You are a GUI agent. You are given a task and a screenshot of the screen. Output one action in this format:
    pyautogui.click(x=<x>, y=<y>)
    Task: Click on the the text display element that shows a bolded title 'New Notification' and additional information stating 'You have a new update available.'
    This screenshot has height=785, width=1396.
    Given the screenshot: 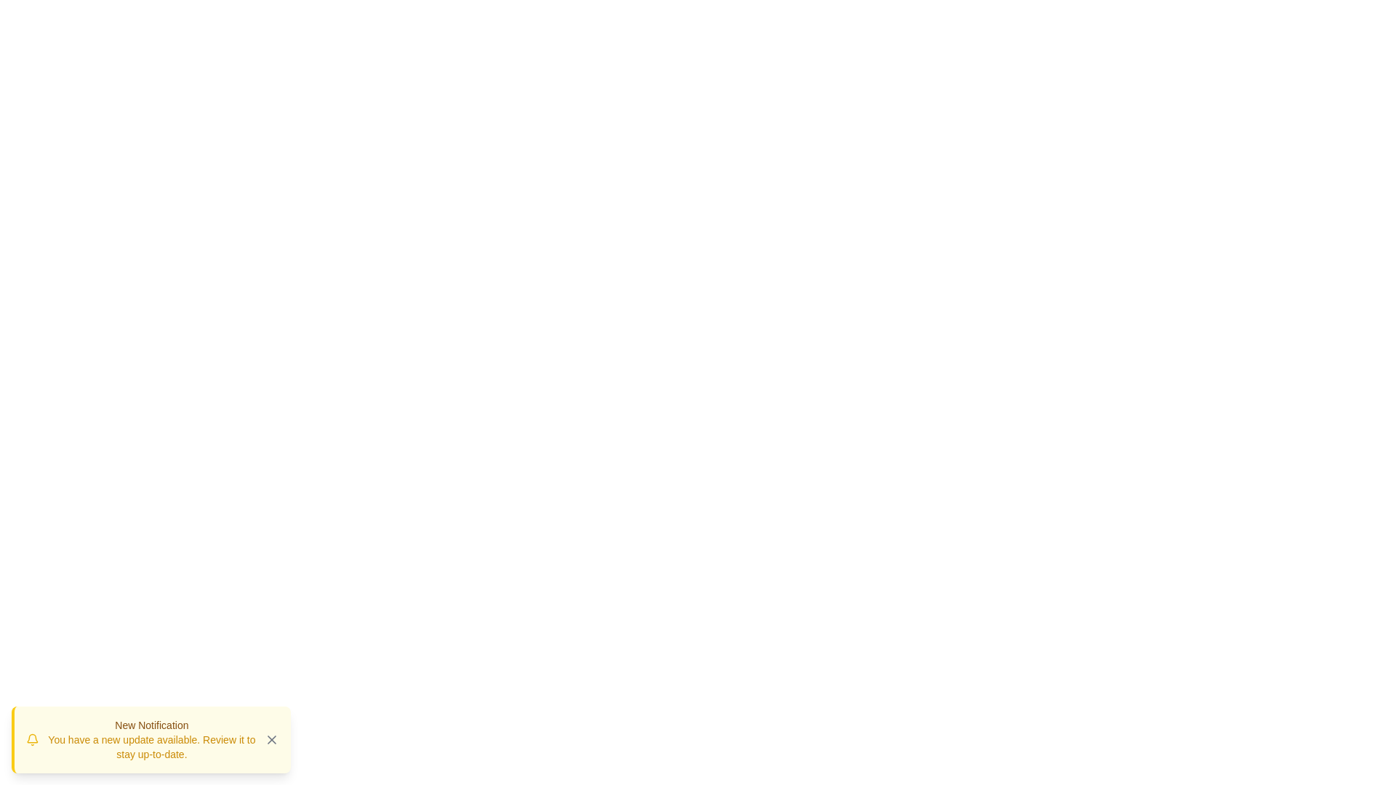 What is the action you would take?
    pyautogui.click(x=151, y=740)
    